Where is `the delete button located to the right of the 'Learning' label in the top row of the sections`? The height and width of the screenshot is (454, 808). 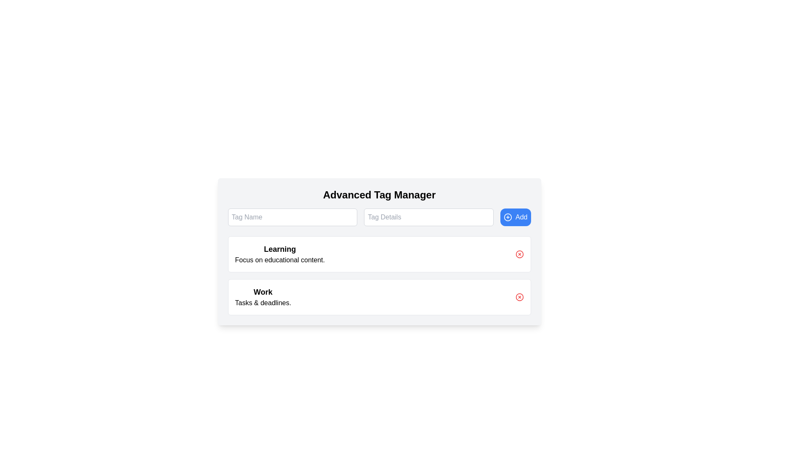
the delete button located to the right of the 'Learning' label in the top row of the sections is located at coordinates (519, 254).